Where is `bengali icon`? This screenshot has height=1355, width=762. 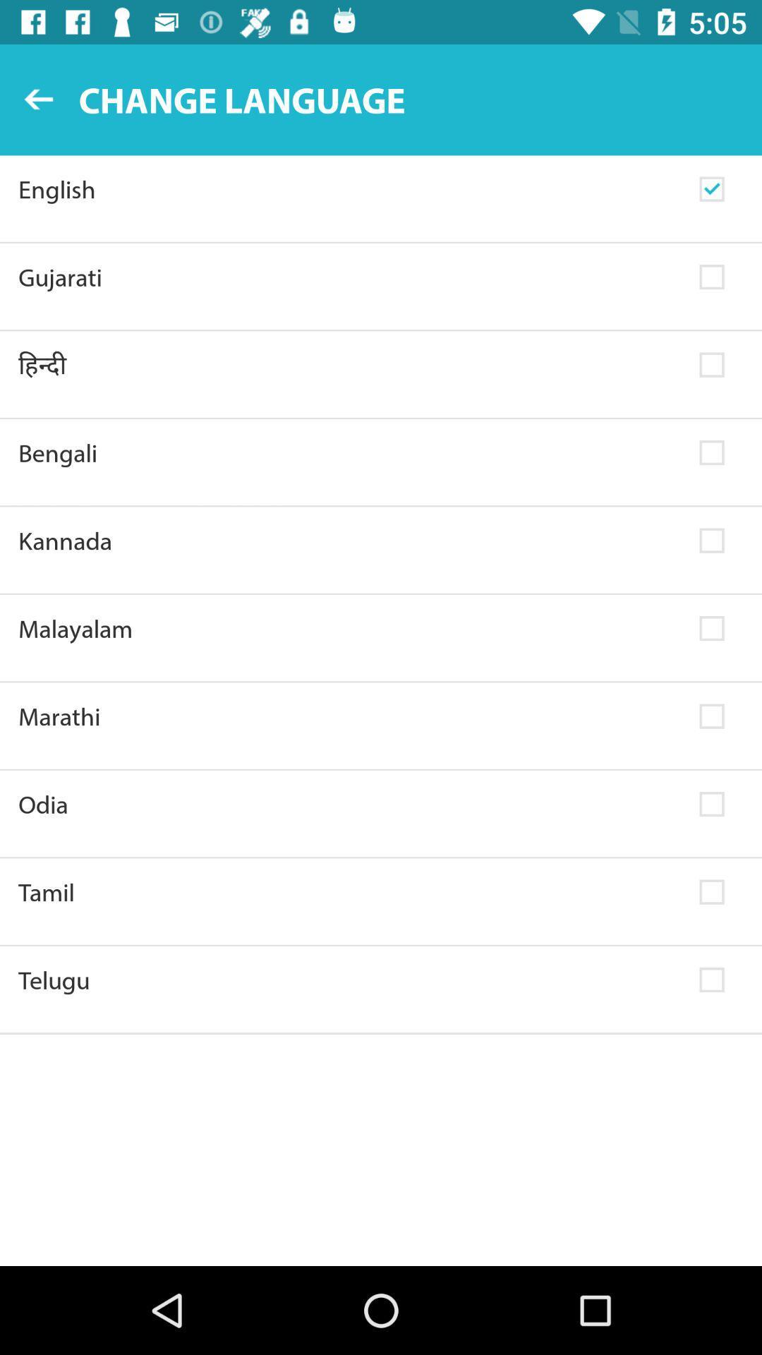
bengali icon is located at coordinates (349, 453).